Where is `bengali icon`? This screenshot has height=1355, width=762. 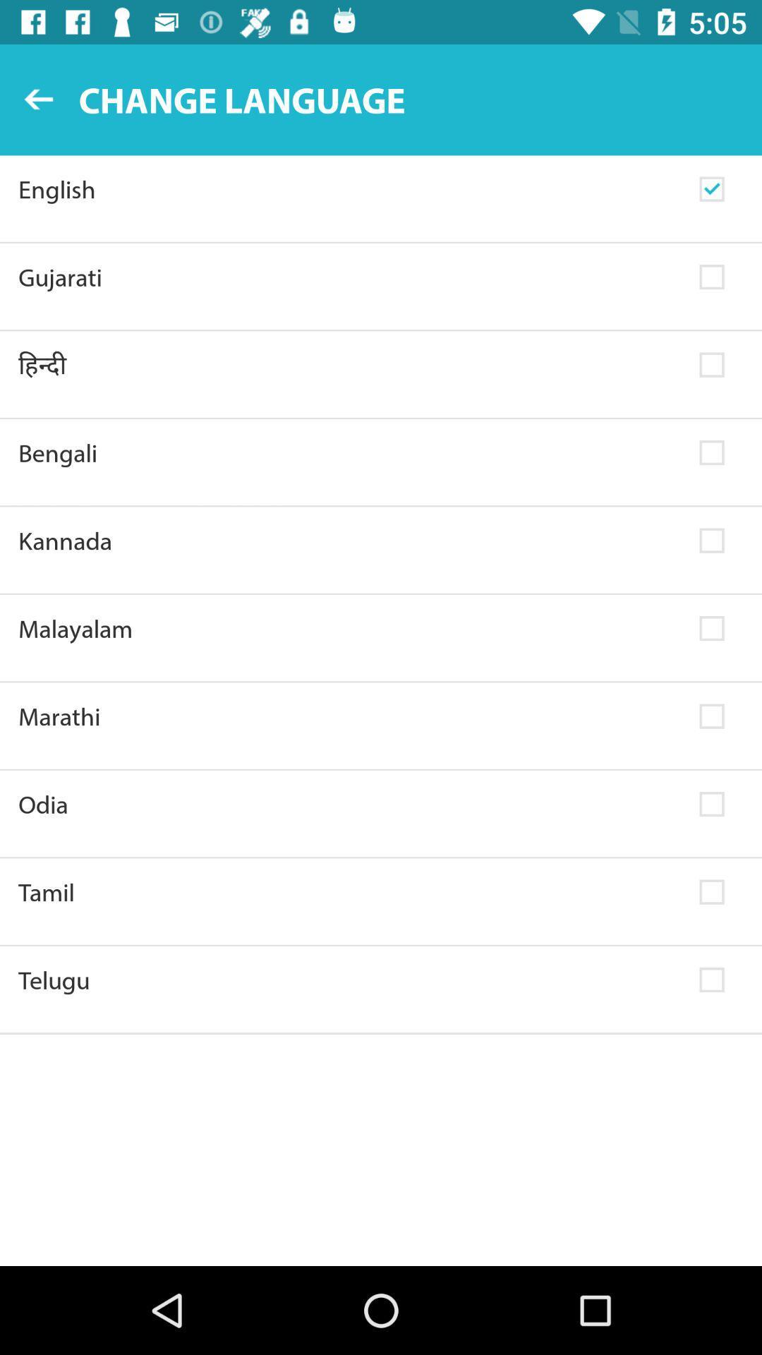
bengali icon is located at coordinates (349, 453).